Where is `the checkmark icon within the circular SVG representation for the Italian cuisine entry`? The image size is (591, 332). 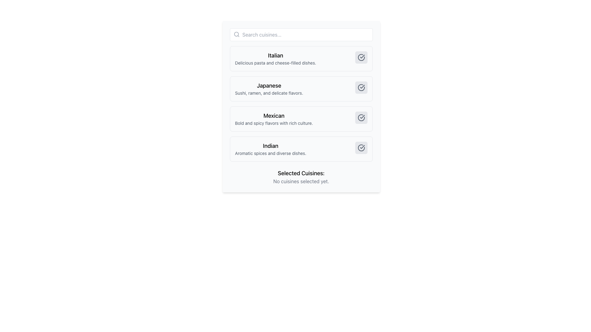
the checkmark icon within the circular SVG representation for the Italian cuisine entry is located at coordinates (362, 57).